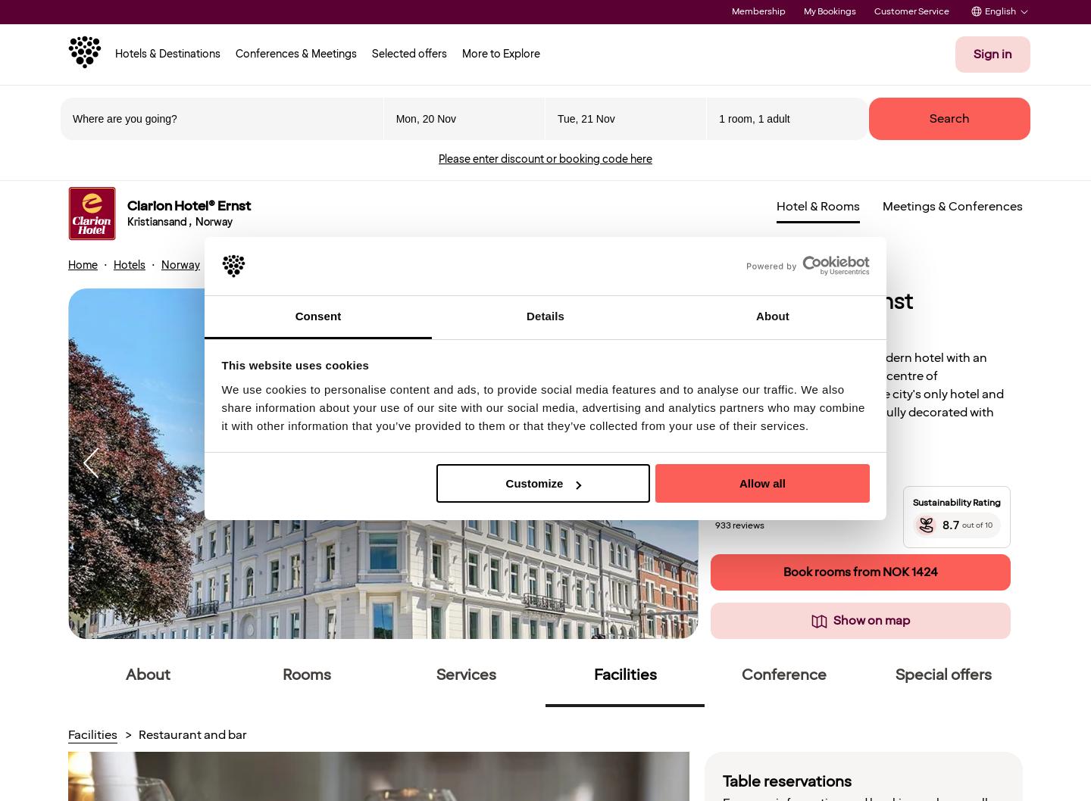 The width and height of the screenshot is (1091, 801). What do you see at coordinates (714, 525) in the screenshot?
I see `'933'` at bounding box center [714, 525].